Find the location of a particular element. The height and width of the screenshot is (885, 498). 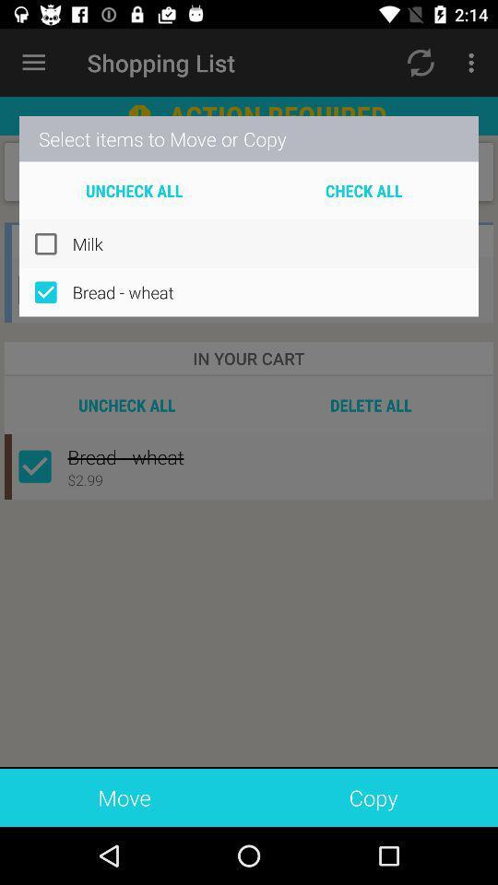

the icon below select items to icon is located at coordinates (363, 190).